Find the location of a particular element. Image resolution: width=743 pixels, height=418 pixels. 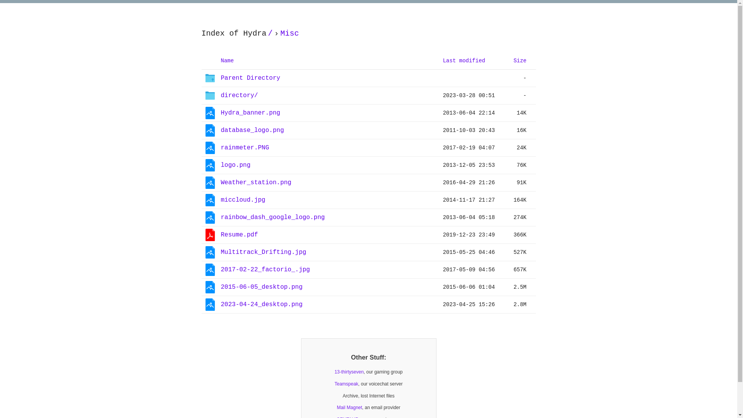

'rainmeter.PNG' is located at coordinates (244, 147).